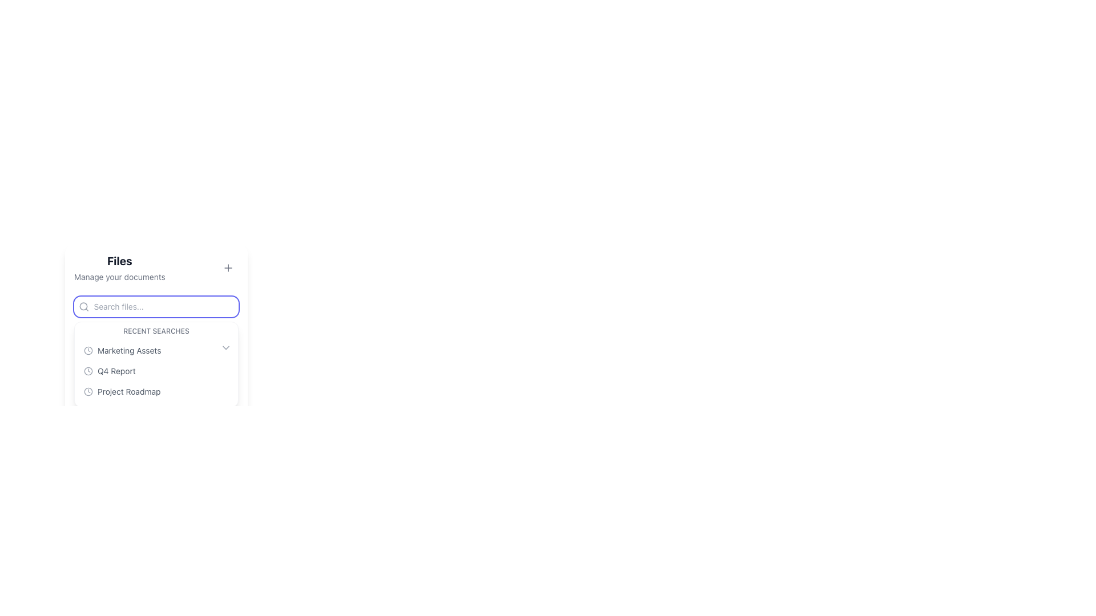  I want to click on the chevron icon located on the far right of the 'Documents' row, next to the text '43 items', so click(225, 347).